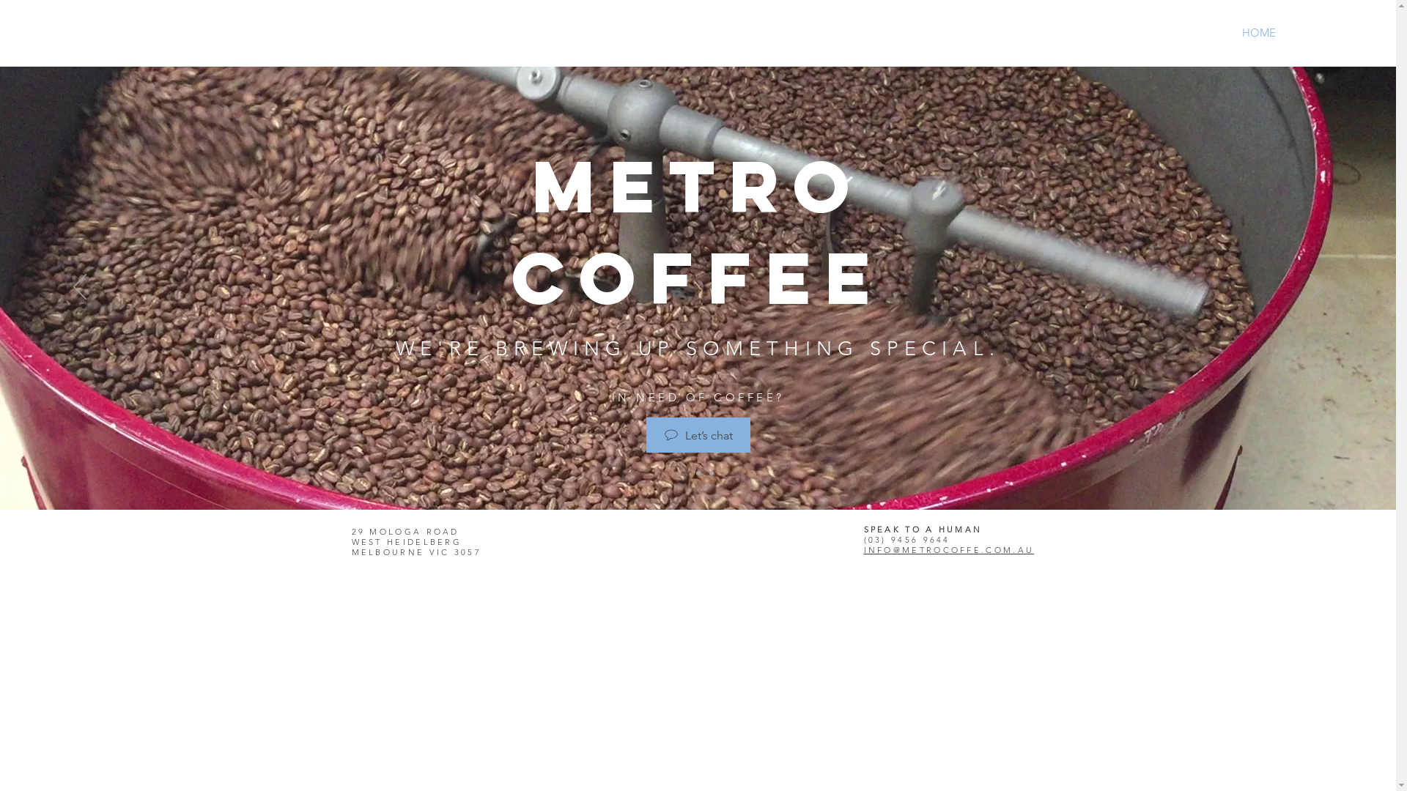 This screenshot has height=791, width=1407. Describe the element at coordinates (1258, 33) in the screenshot. I see `'HOME'` at that location.